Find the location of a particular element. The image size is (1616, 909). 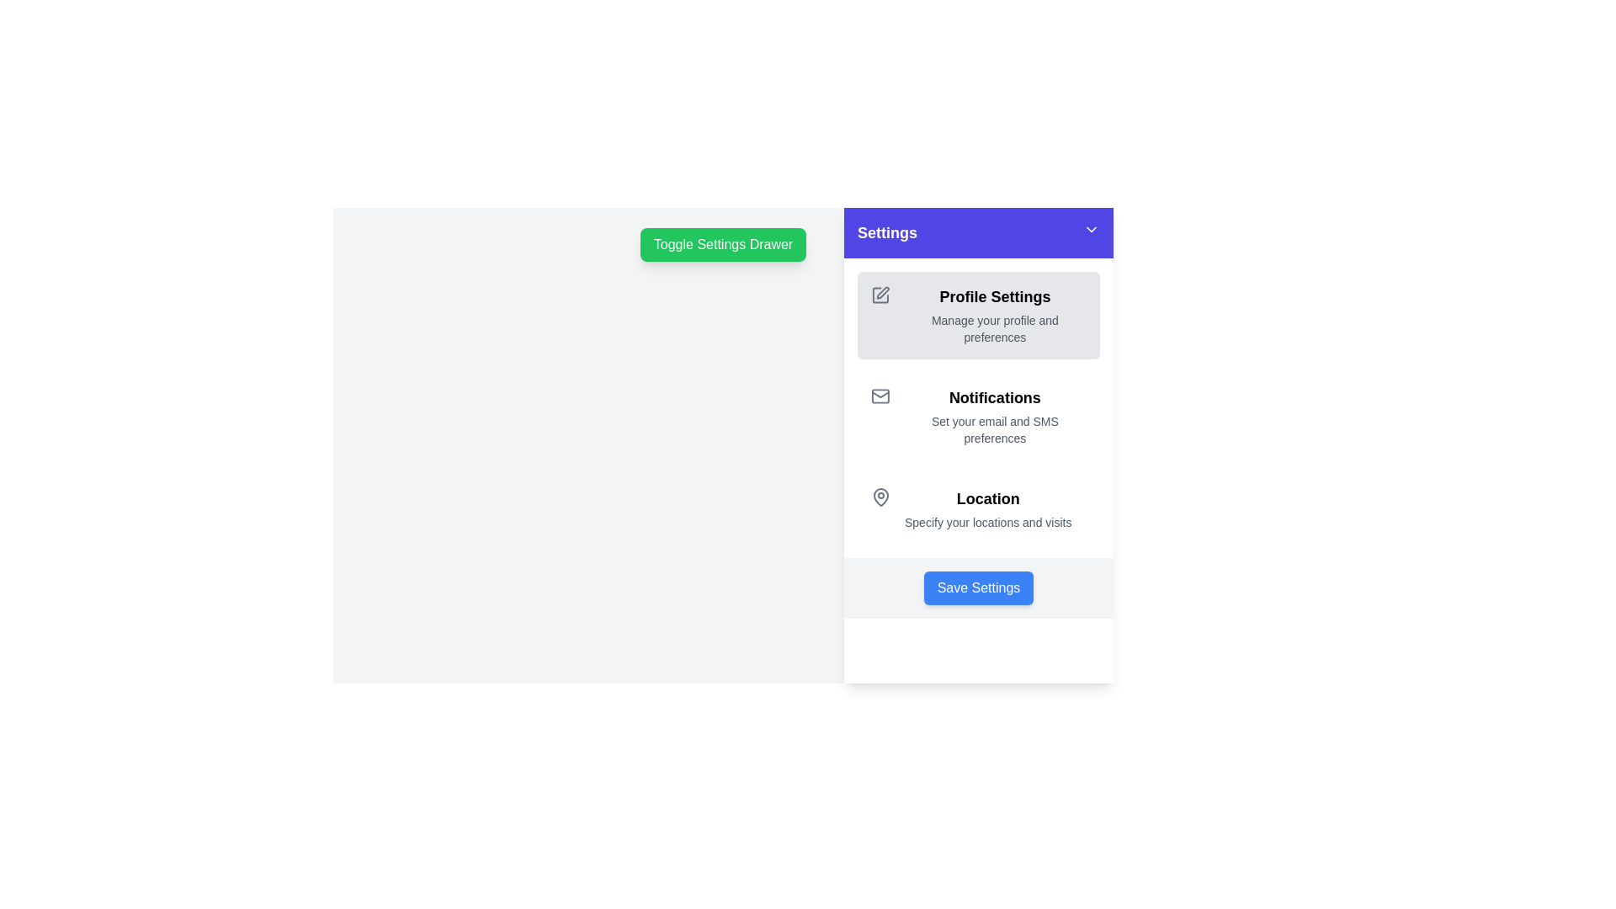

the explanatory text description located below the 'Notifications' heading in the settings panel, which provides additional information about notification options is located at coordinates (995, 428).